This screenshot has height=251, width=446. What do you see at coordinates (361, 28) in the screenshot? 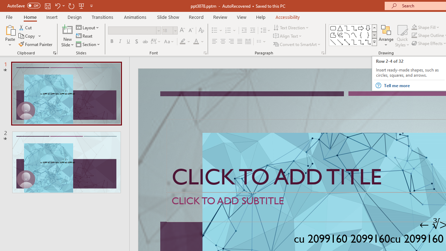
I see `'Arrow: Right'` at bounding box center [361, 28].